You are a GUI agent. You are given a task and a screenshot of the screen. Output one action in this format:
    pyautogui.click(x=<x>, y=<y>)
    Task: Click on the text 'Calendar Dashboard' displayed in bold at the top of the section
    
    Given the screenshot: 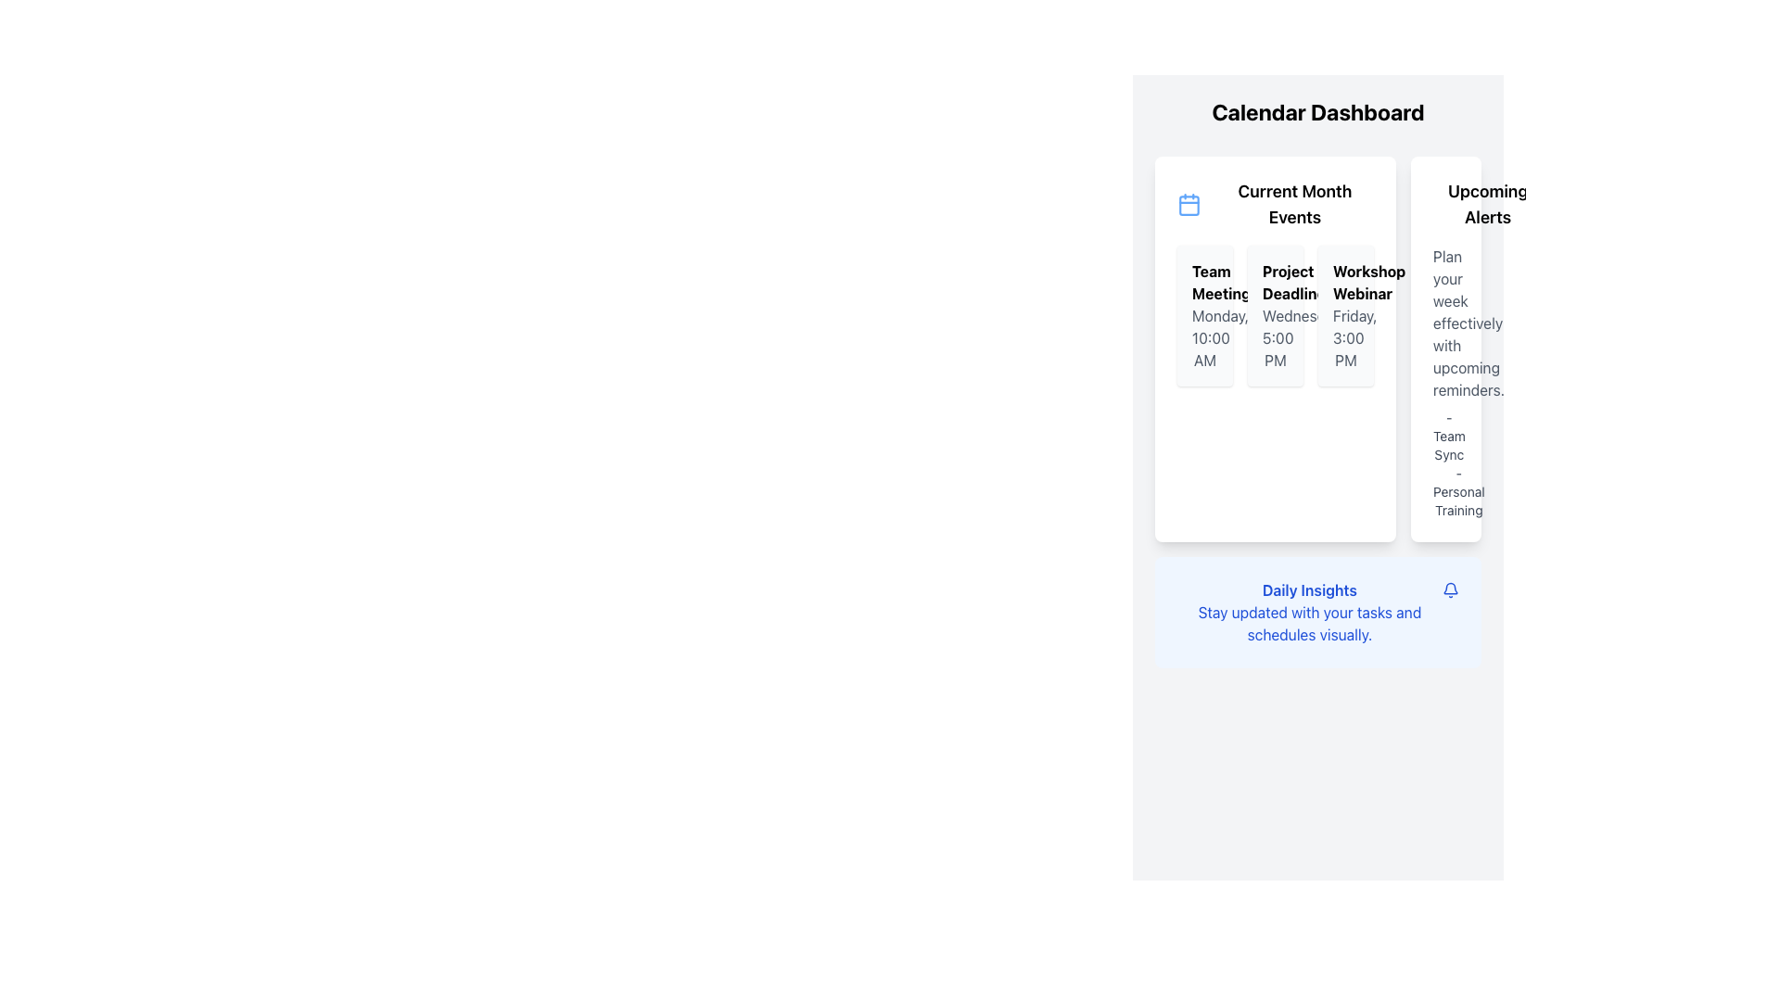 What is the action you would take?
    pyautogui.click(x=1316, y=111)
    